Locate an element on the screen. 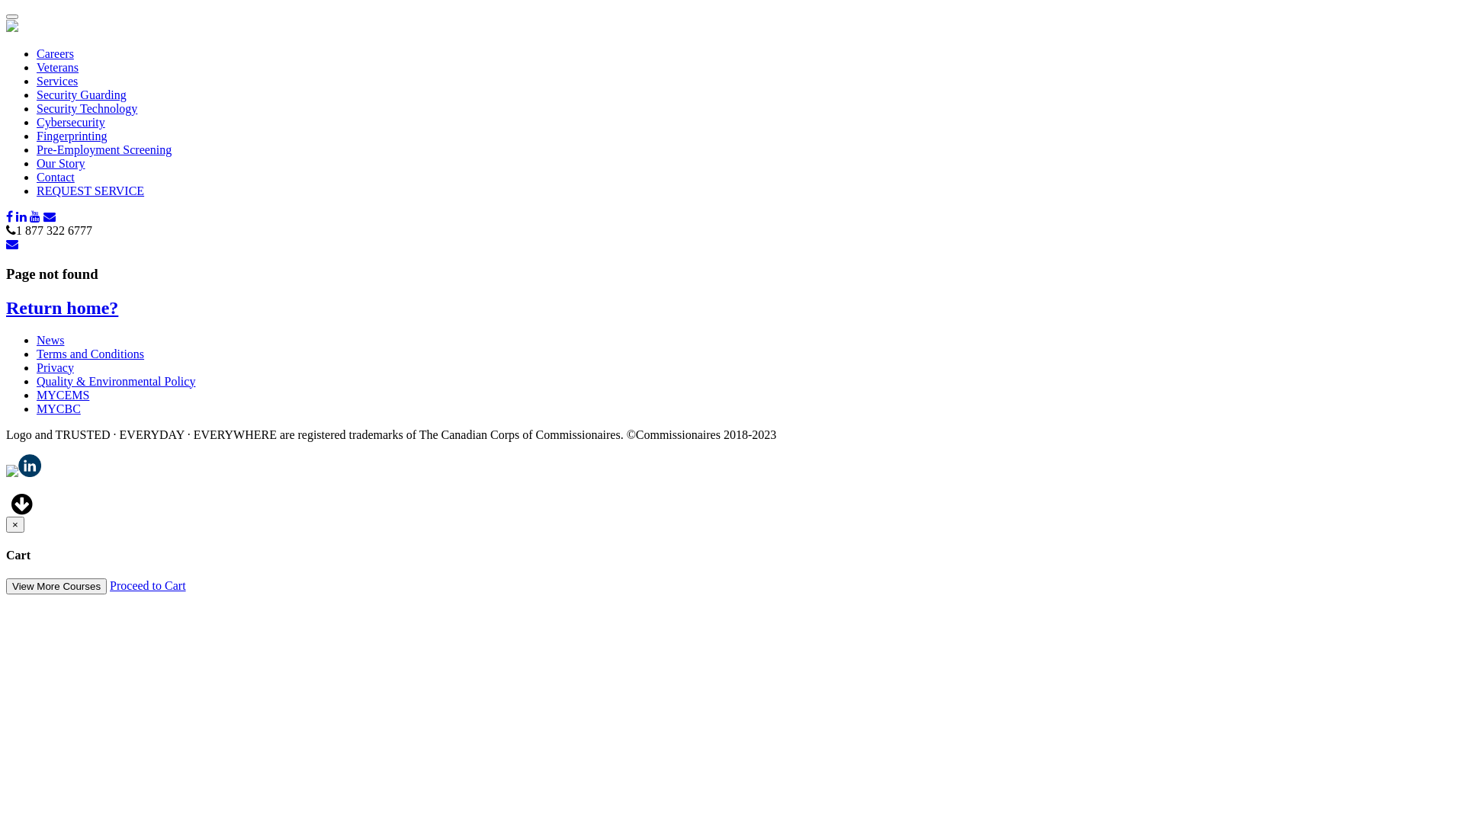  'MYCBC' is located at coordinates (58, 408).